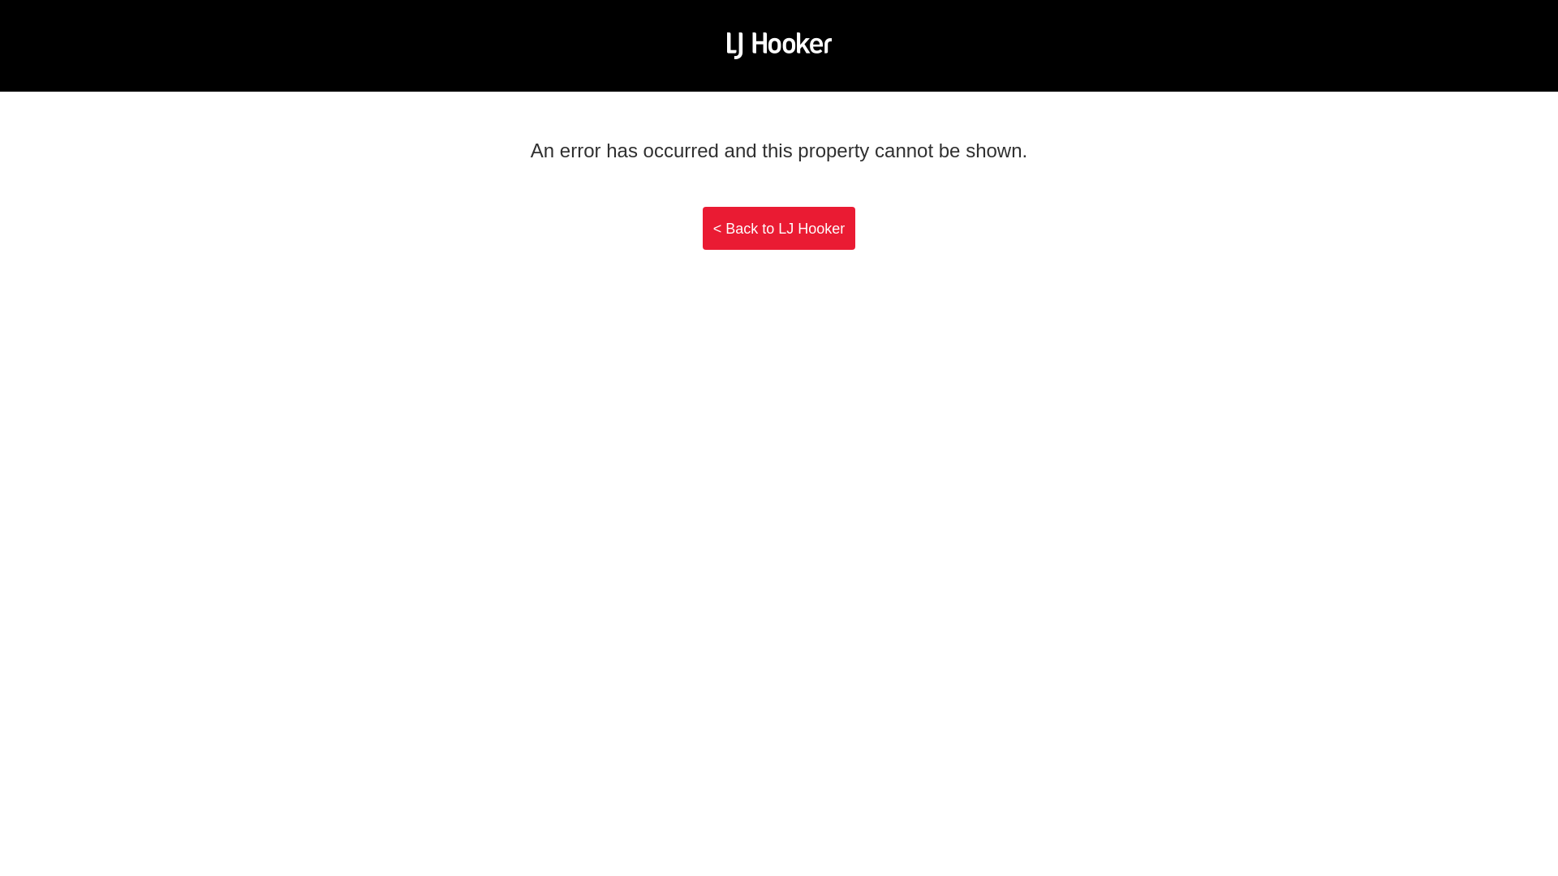 This screenshot has width=1558, height=876. What do you see at coordinates (702, 228) in the screenshot?
I see `'< Back to LJ Hooker'` at bounding box center [702, 228].